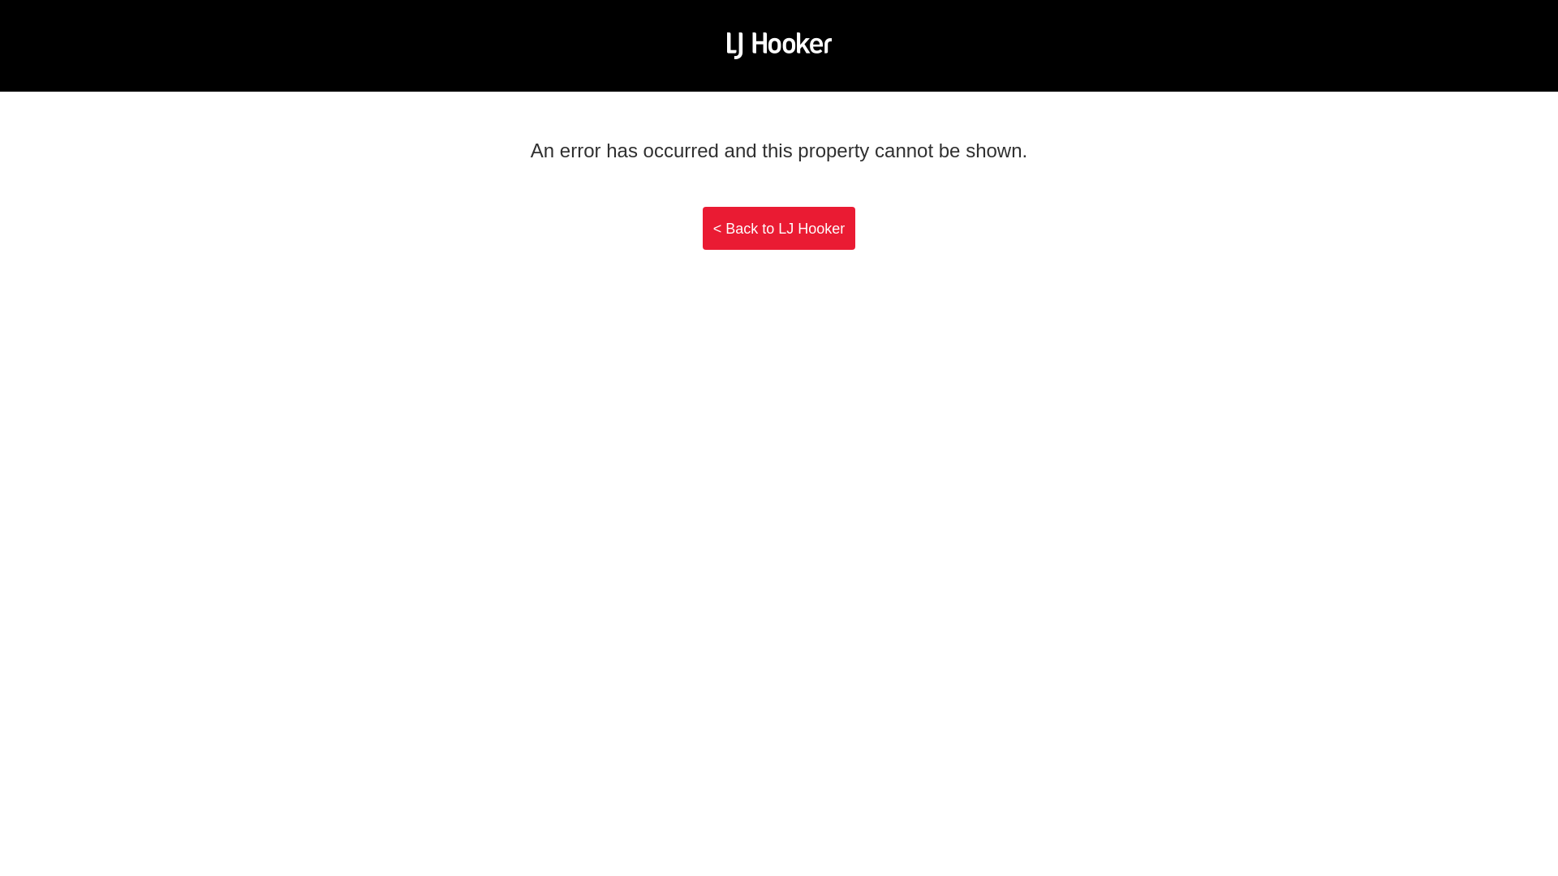 This screenshot has width=1558, height=876. What do you see at coordinates (702, 228) in the screenshot?
I see `'< Back to LJ Hooker'` at bounding box center [702, 228].